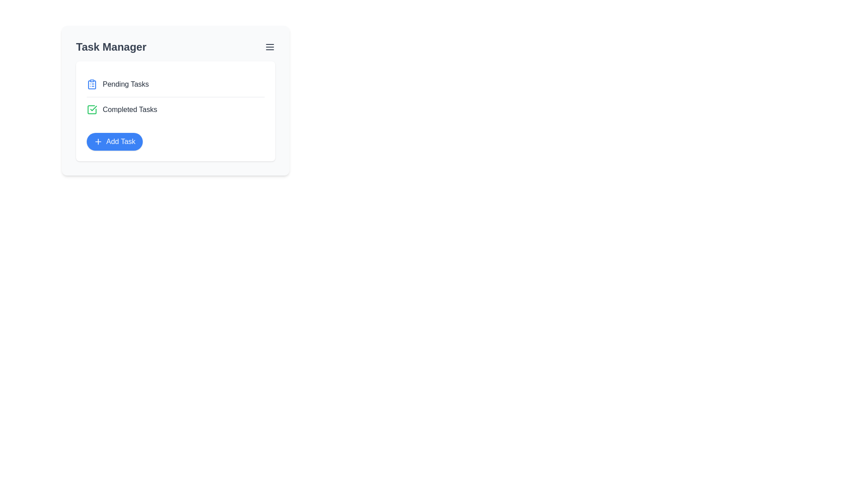 The image size is (854, 480). What do you see at coordinates (175, 84) in the screenshot?
I see `the 'Pending Tasks' item in the menu` at bounding box center [175, 84].